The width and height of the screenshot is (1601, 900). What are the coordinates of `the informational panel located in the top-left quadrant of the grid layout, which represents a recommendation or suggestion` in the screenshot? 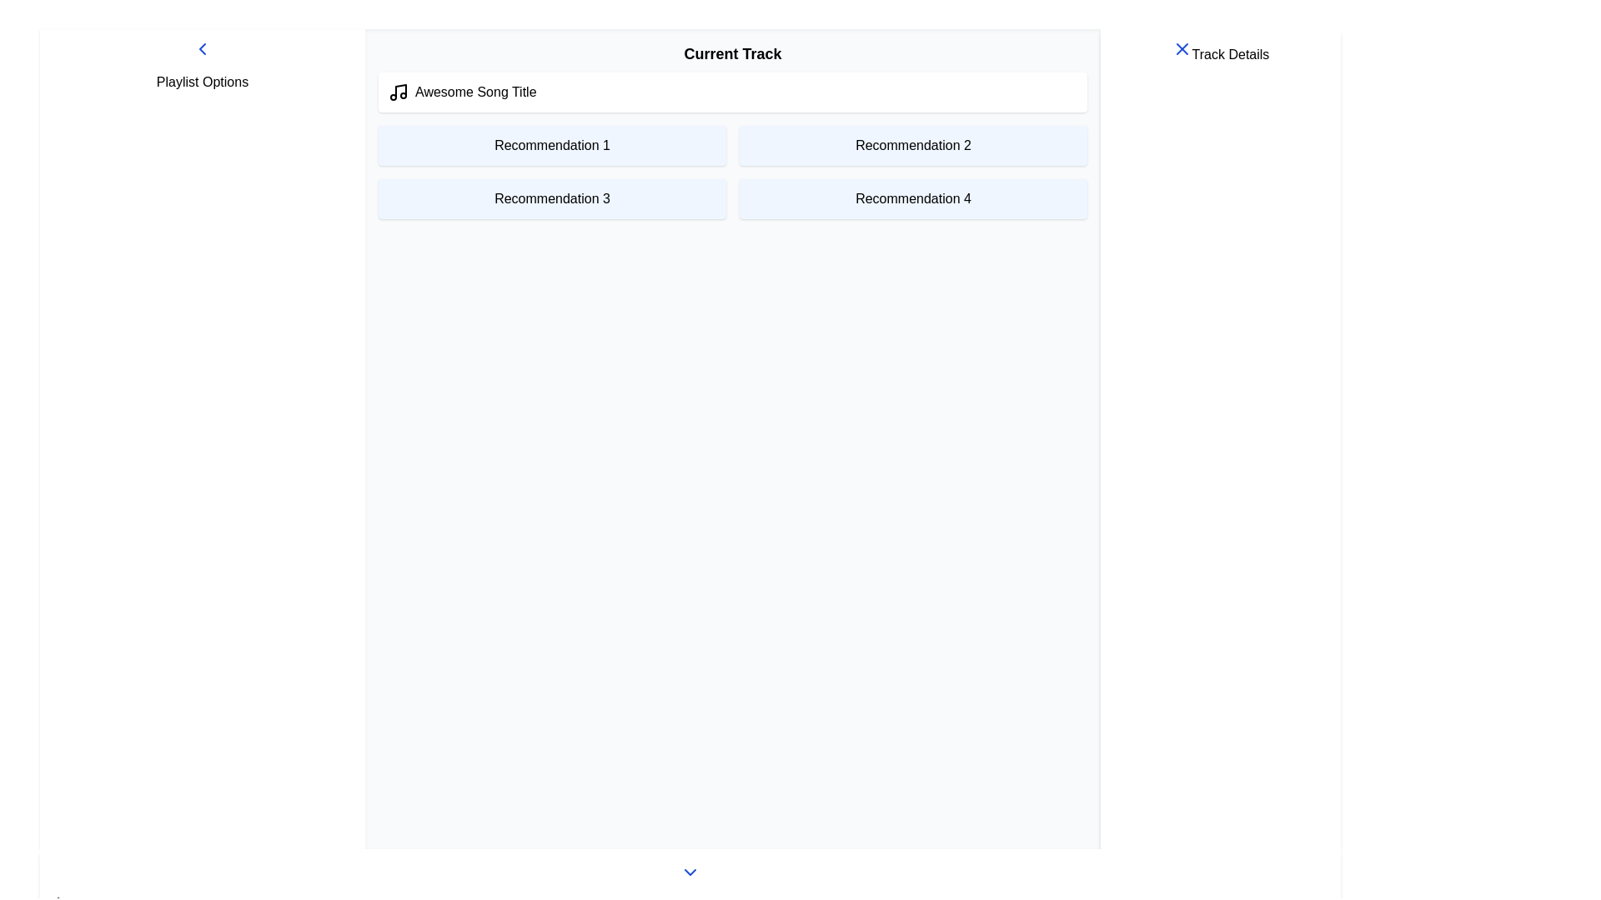 It's located at (552, 144).